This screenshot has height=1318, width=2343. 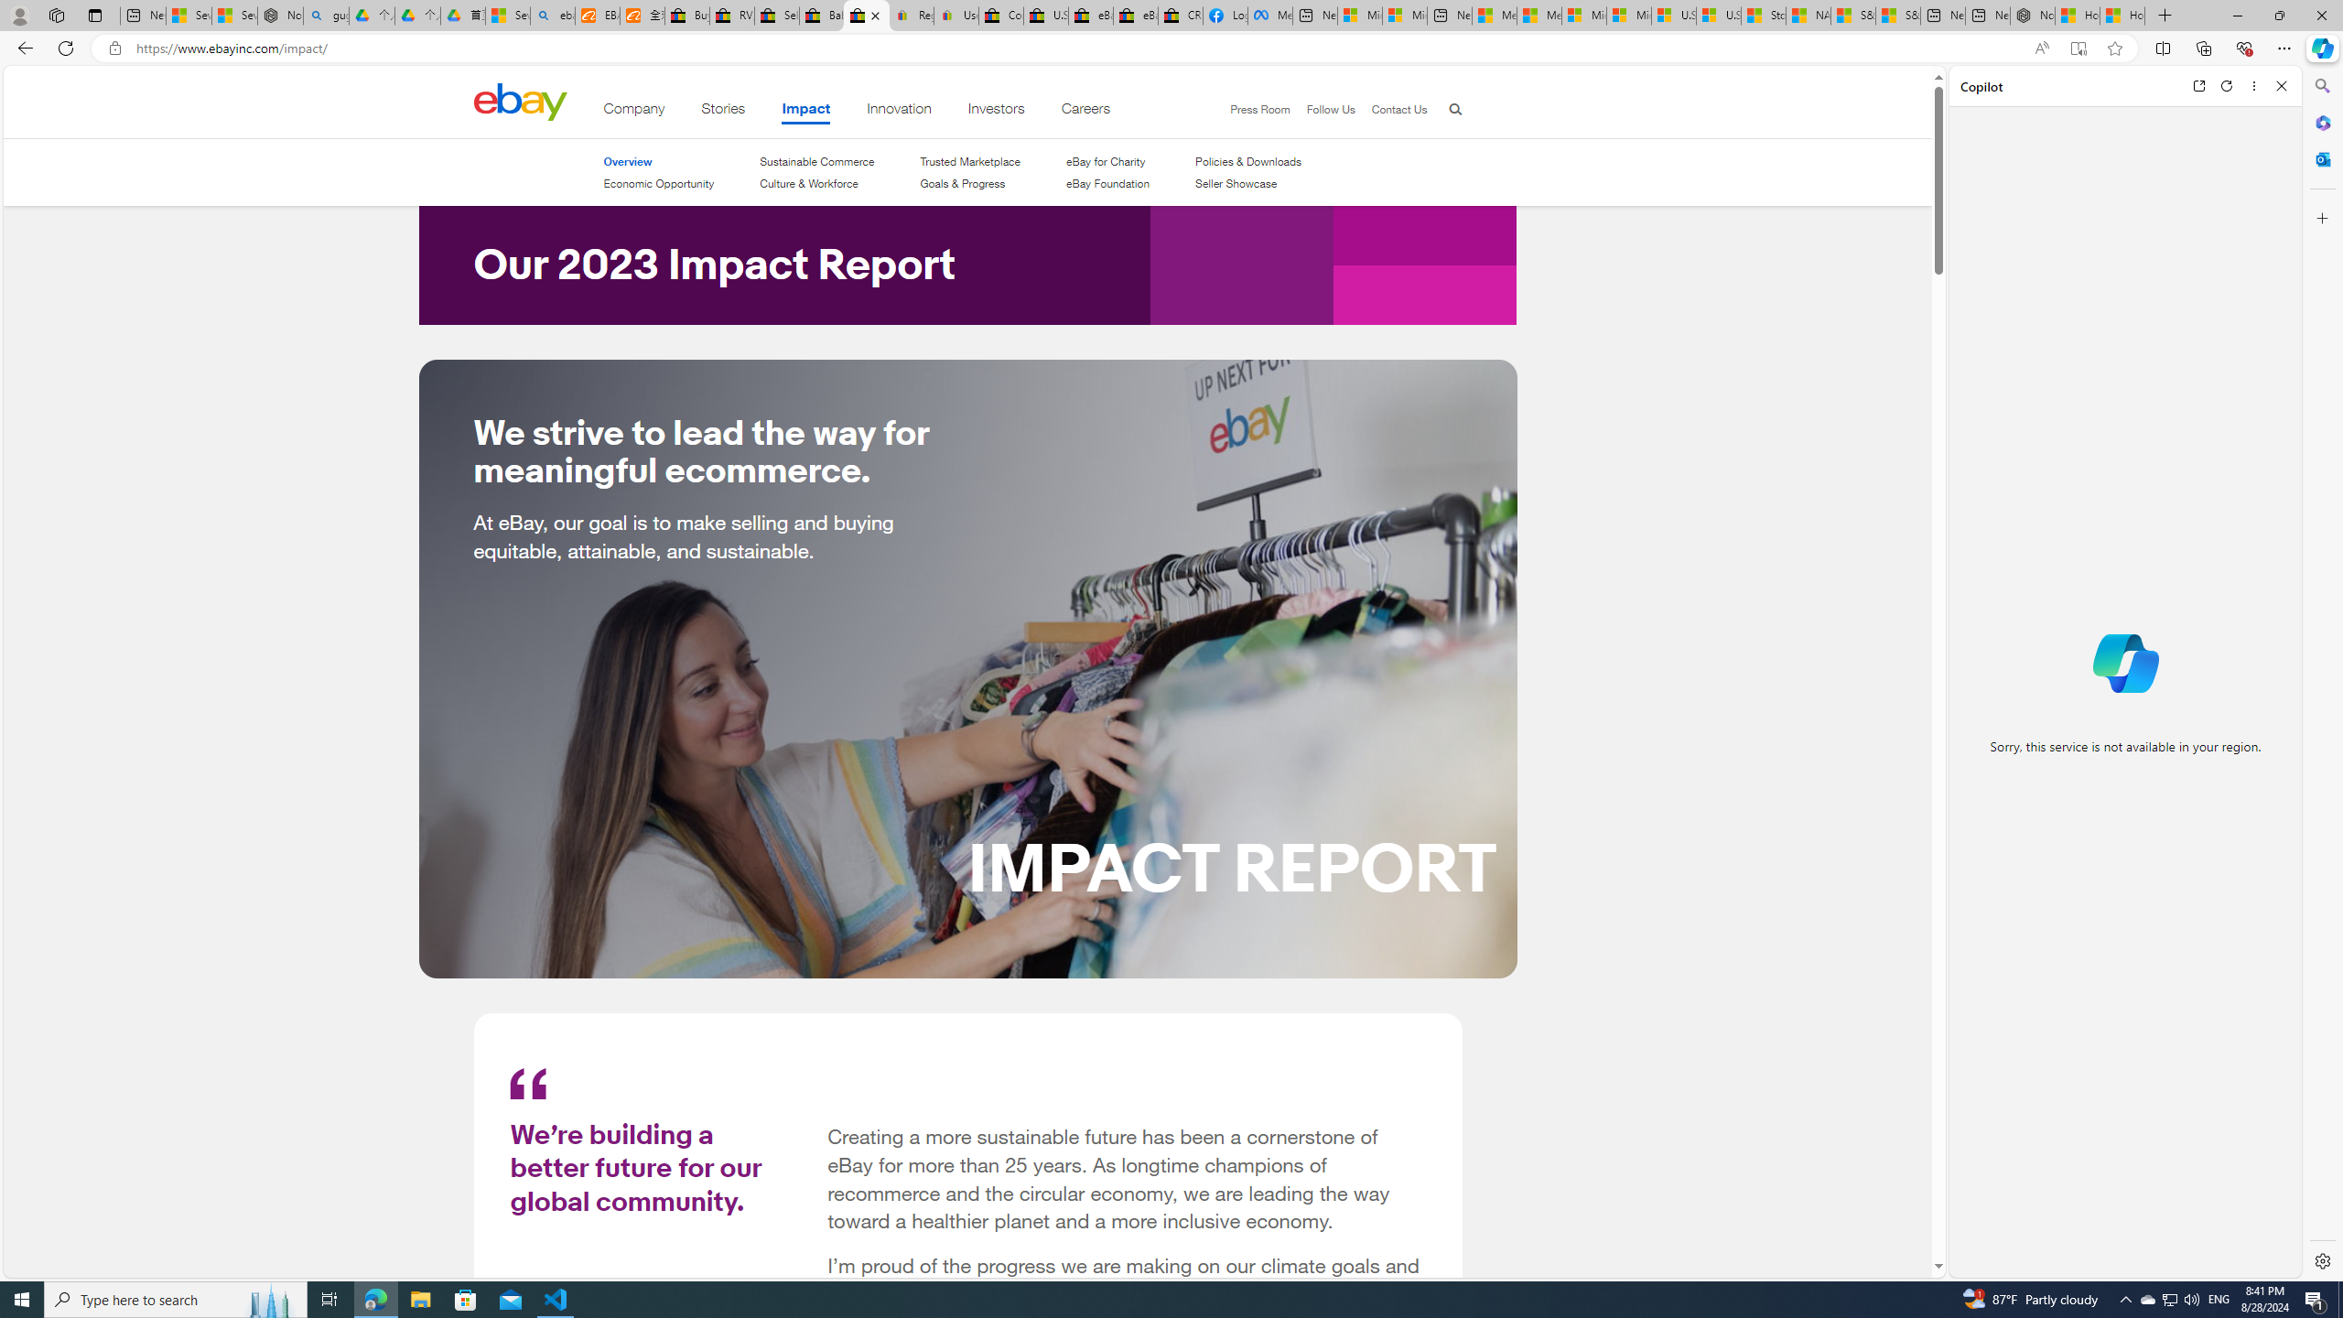 What do you see at coordinates (657, 161) in the screenshot?
I see `'Overview'` at bounding box center [657, 161].